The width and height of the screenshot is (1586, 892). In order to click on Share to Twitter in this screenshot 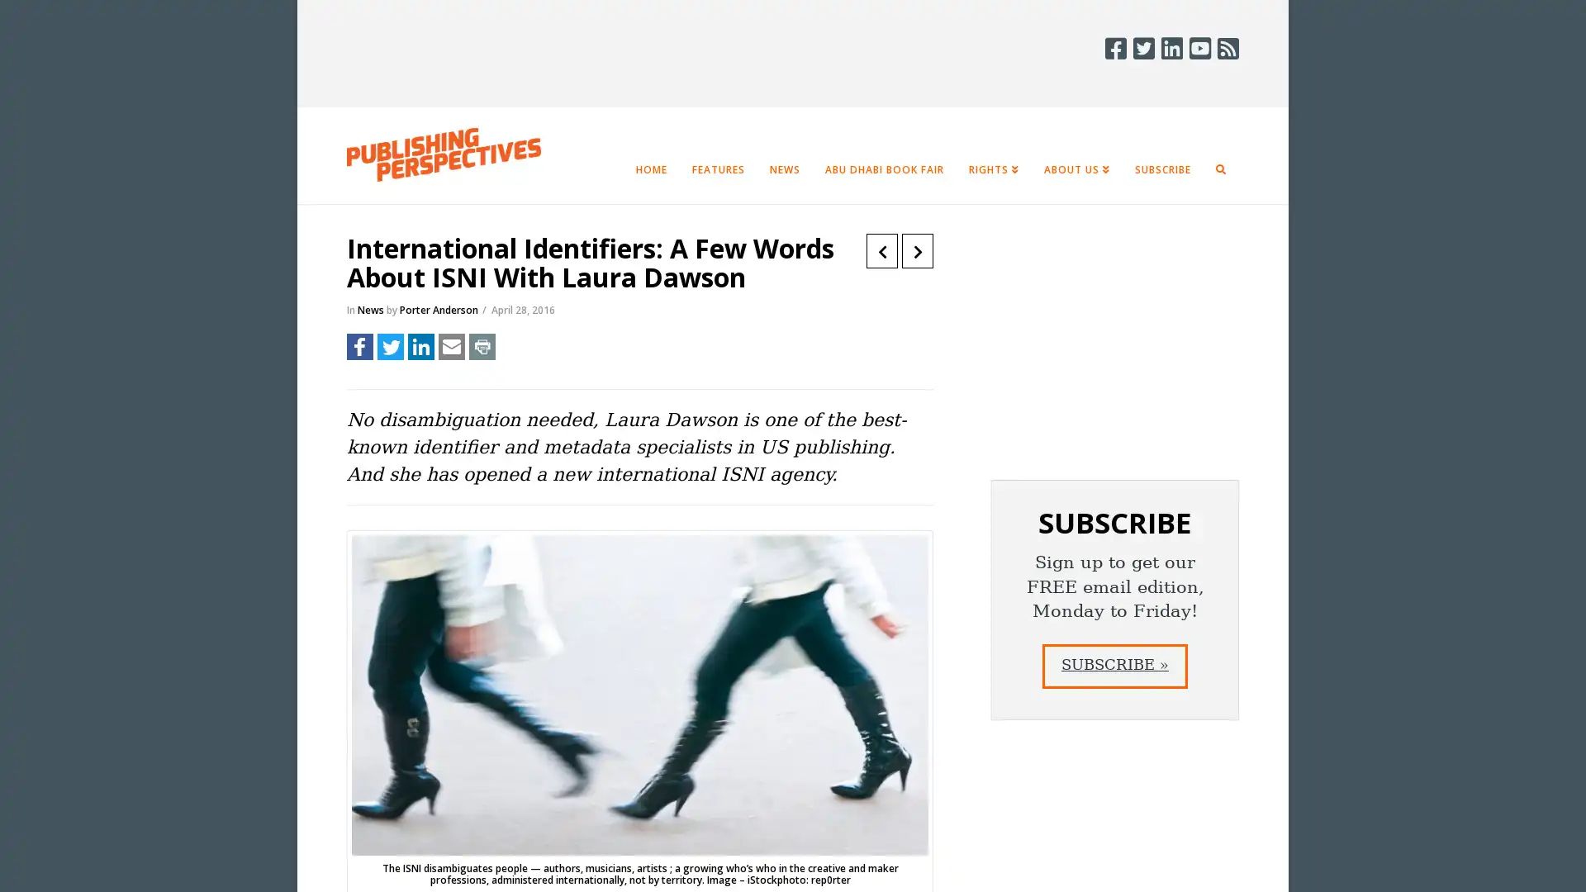, I will do `click(390, 346)`.